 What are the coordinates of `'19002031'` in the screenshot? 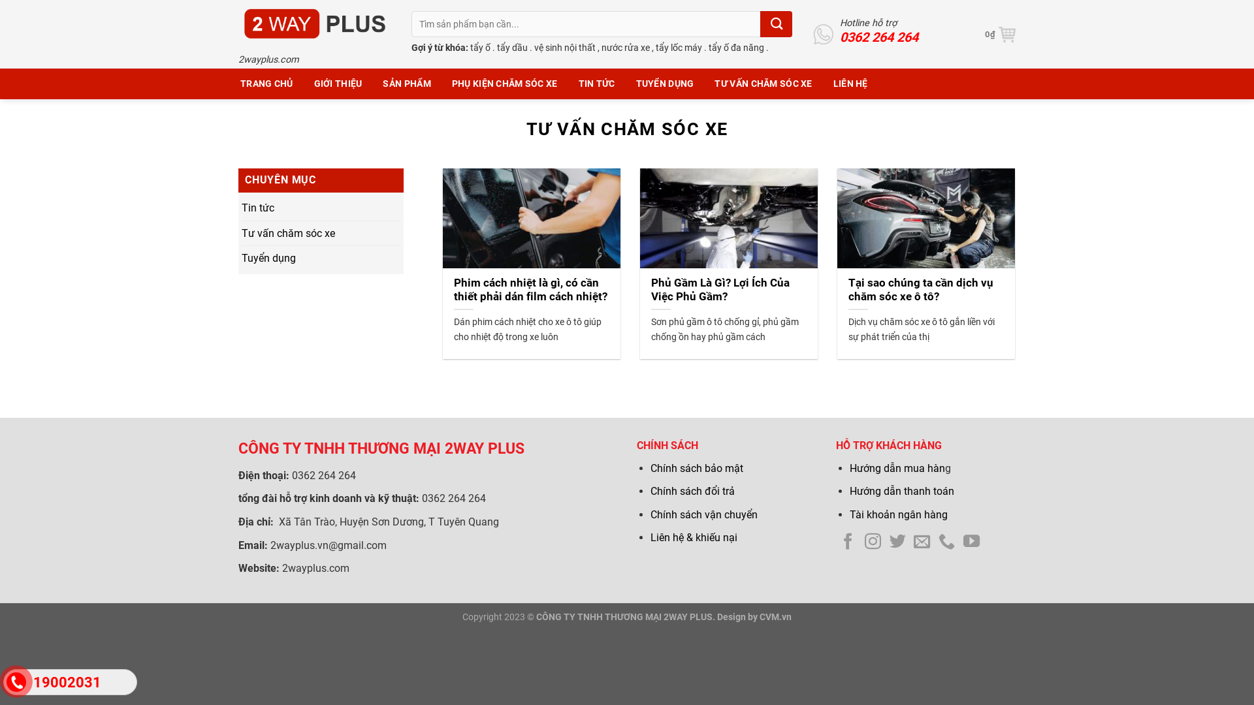 It's located at (3, 681).